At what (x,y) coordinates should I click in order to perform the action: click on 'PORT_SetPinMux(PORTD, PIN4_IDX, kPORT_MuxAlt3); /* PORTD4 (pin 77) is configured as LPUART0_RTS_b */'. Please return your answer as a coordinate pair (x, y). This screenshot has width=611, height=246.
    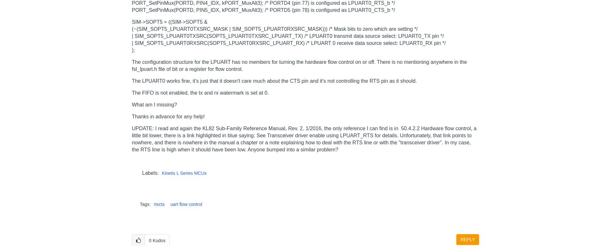
    Looking at the image, I should click on (132, 2).